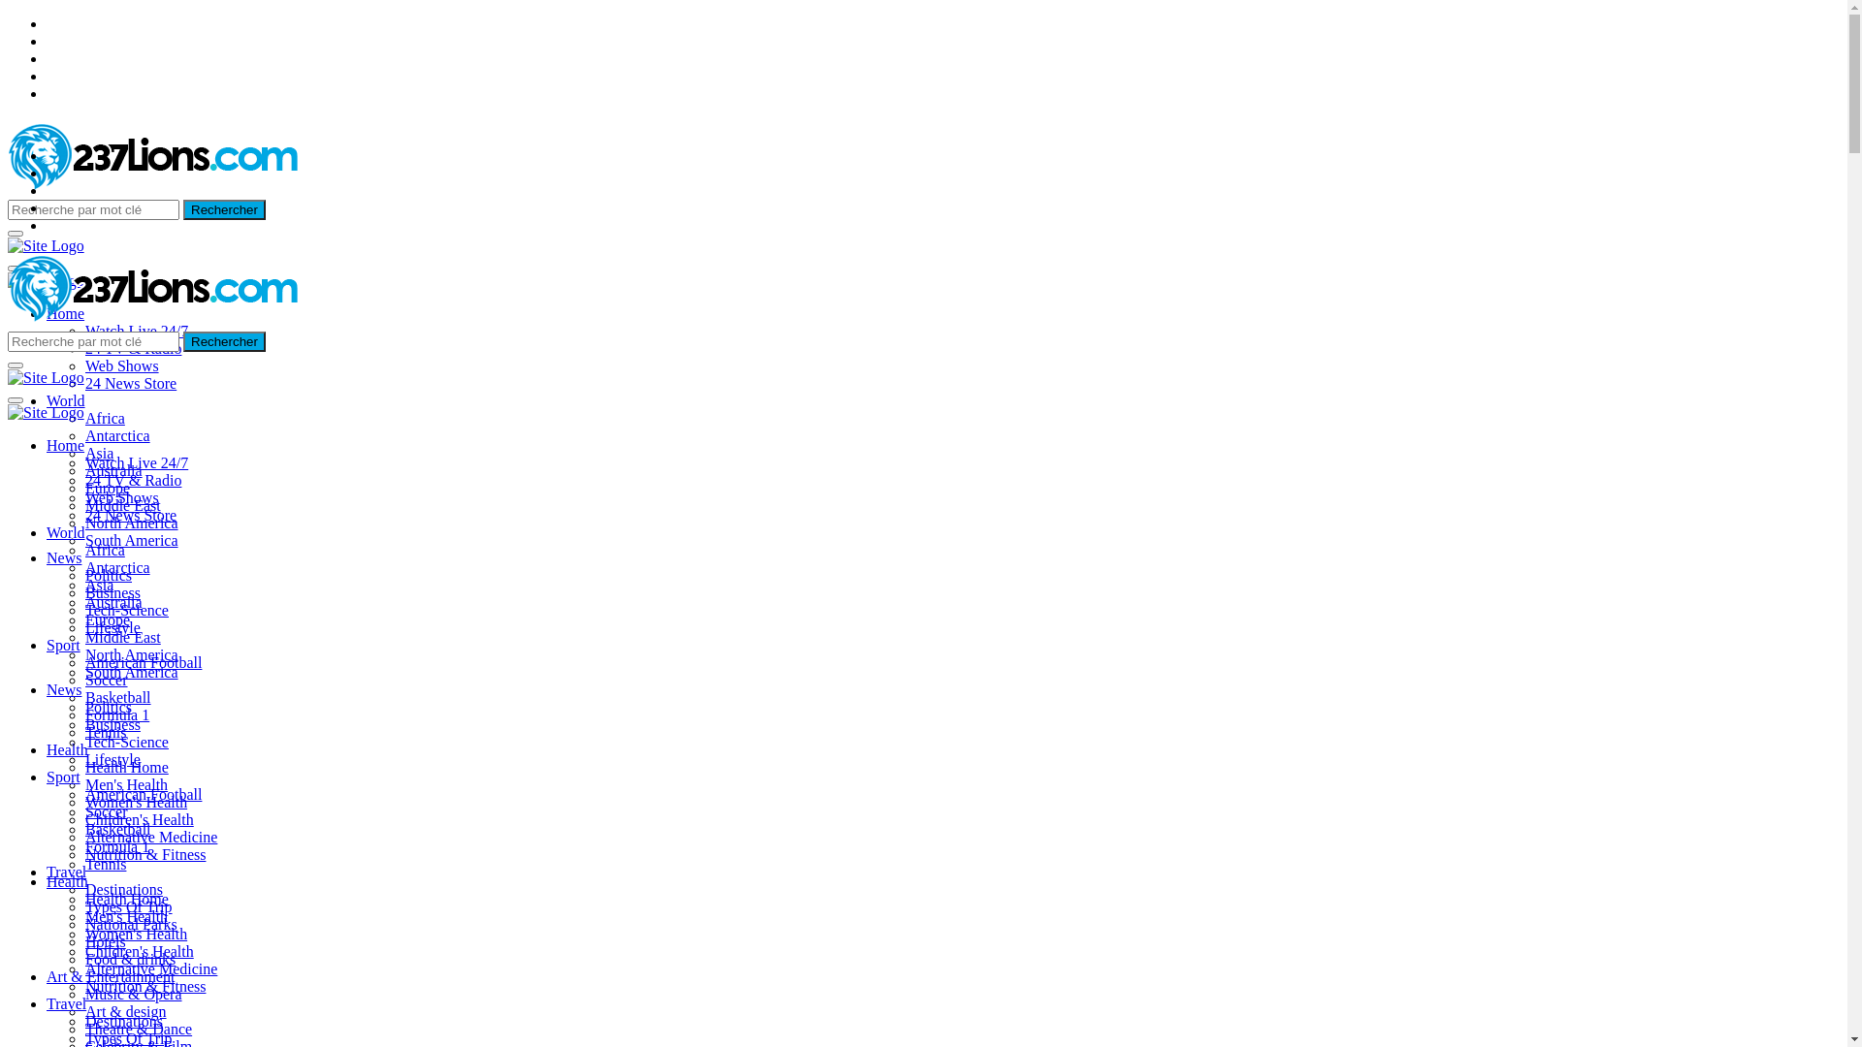 The height and width of the screenshot is (1047, 1862). What do you see at coordinates (83, 802) in the screenshot?
I see `'Women's Health'` at bounding box center [83, 802].